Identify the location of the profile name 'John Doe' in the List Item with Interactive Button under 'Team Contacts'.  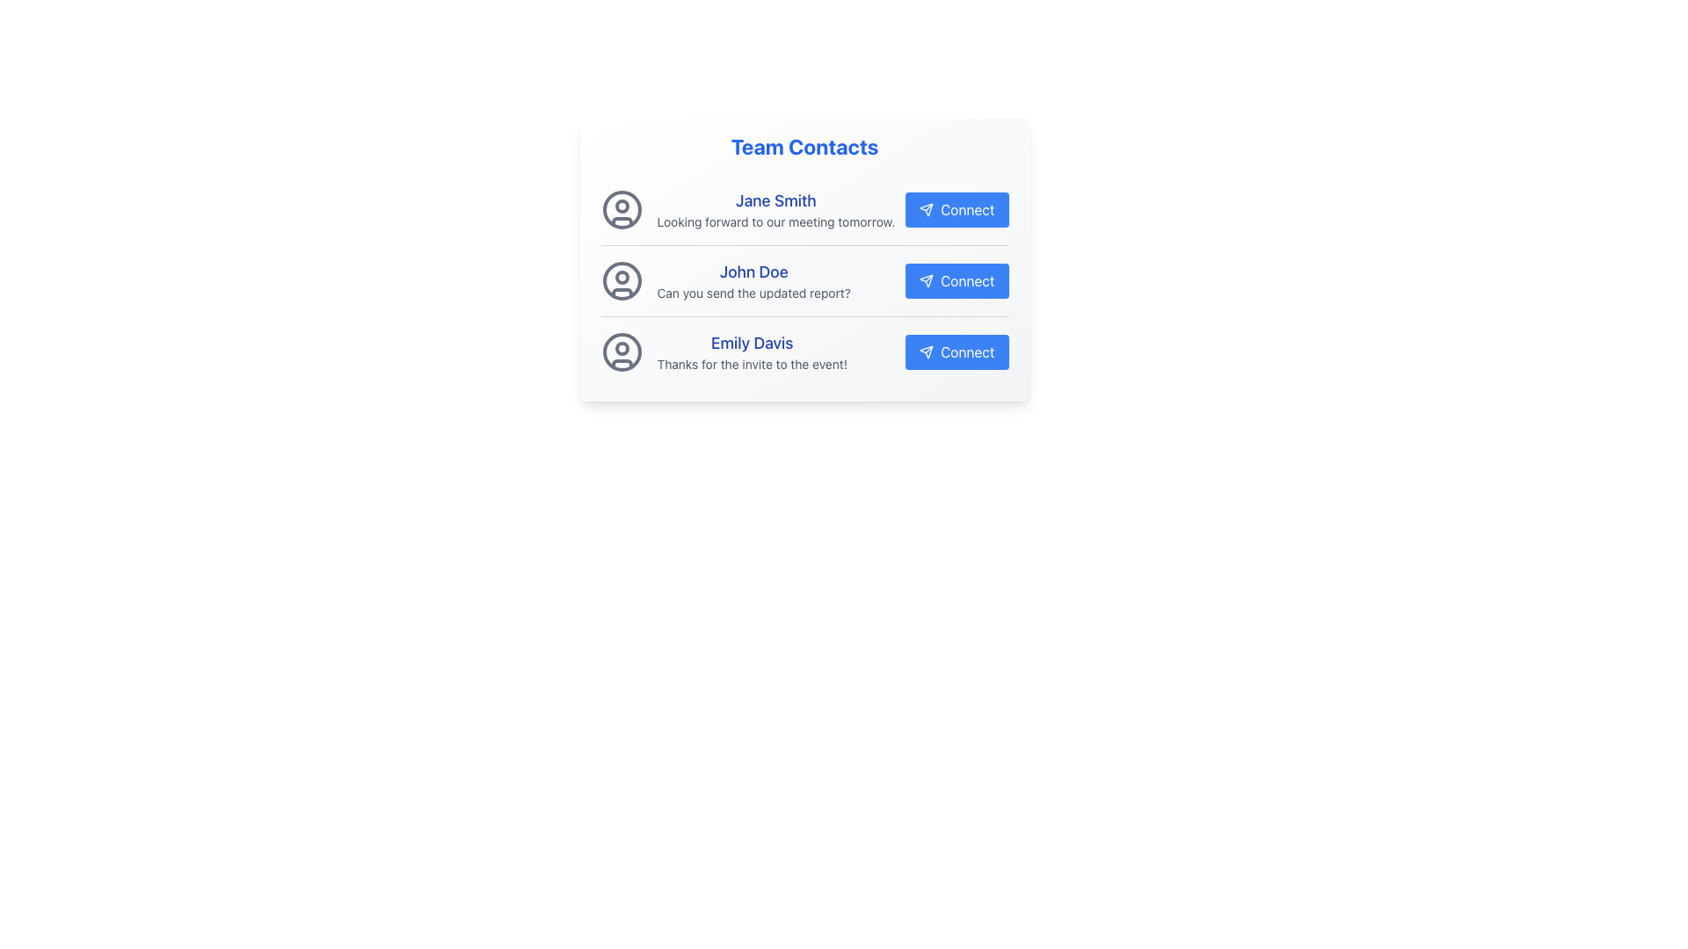
(804, 280).